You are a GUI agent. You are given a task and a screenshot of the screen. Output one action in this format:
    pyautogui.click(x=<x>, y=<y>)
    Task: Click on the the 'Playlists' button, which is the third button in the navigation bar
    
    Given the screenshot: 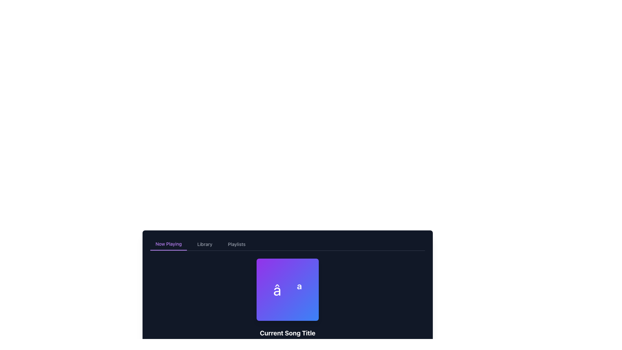 What is the action you would take?
    pyautogui.click(x=236, y=244)
    